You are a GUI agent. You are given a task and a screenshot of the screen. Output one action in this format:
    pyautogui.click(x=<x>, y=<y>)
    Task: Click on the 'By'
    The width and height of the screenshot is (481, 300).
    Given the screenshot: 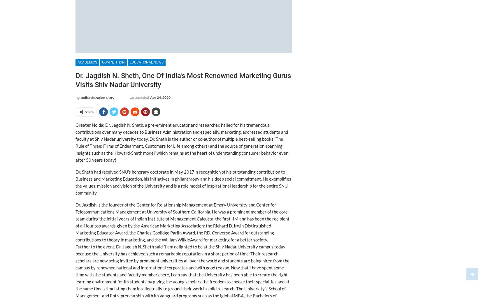 What is the action you would take?
    pyautogui.click(x=78, y=97)
    